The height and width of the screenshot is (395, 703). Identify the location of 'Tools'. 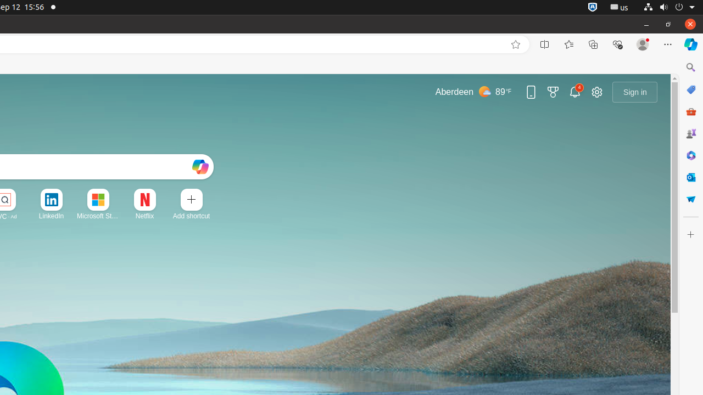
(690, 111).